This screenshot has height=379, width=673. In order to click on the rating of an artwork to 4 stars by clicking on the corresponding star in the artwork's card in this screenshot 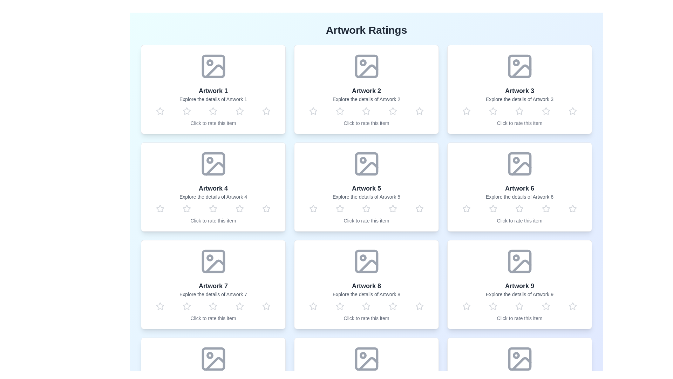, I will do `click(240, 111)`.